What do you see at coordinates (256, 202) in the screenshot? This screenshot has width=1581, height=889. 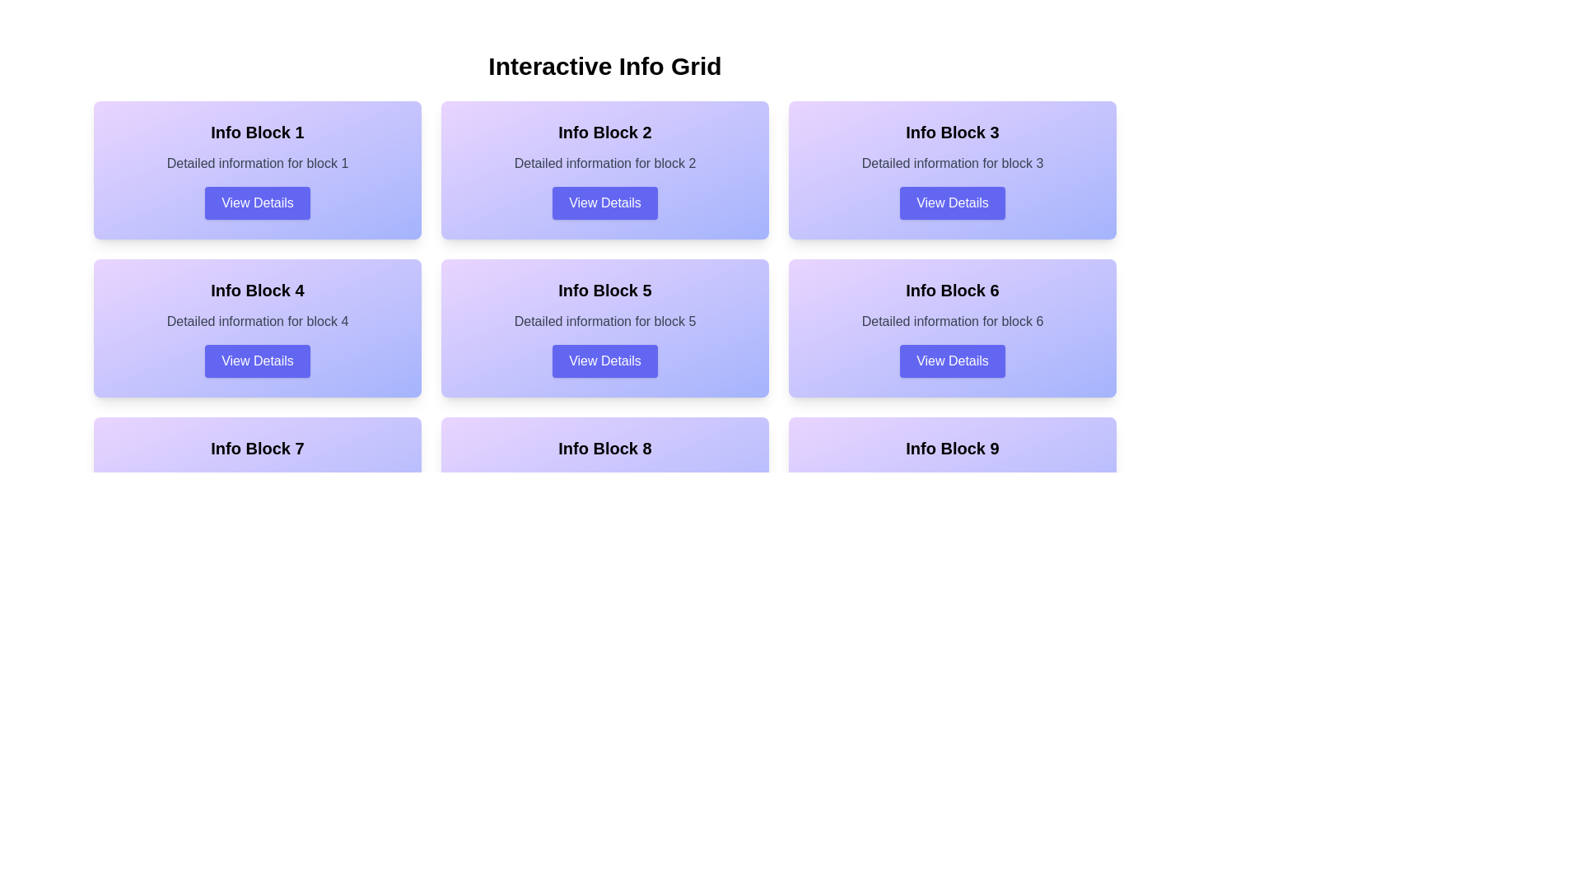 I see `the 'View Details' button located in 'Info Block 1'` at bounding box center [256, 202].